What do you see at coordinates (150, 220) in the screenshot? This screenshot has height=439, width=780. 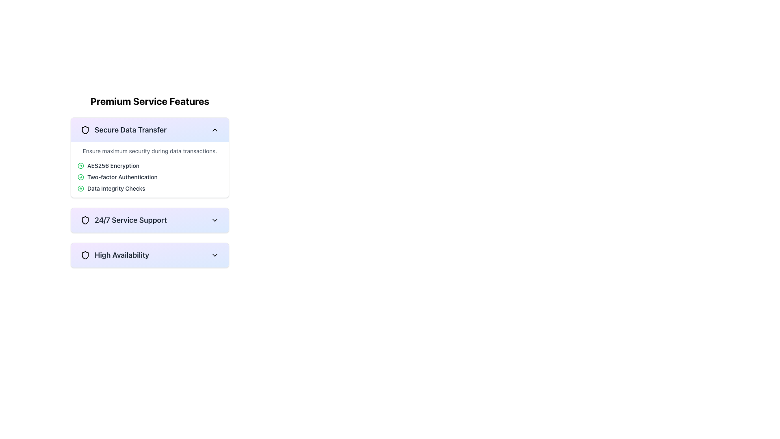 I see `the '24/7 Service Support' collapsible header item` at bounding box center [150, 220].